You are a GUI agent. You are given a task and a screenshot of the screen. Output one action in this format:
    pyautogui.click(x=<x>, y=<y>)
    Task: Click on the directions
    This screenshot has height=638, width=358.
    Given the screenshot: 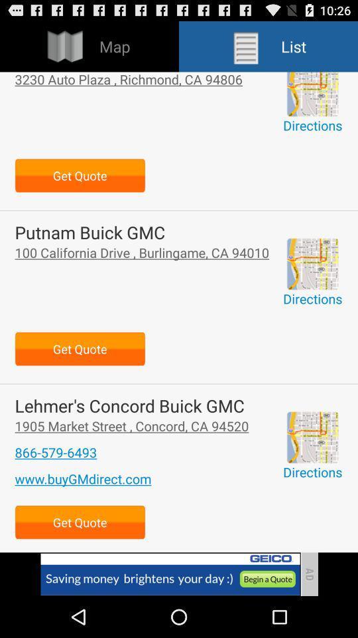 What is the action you would take?
    pyautogui.click(x=312, y=93)
    